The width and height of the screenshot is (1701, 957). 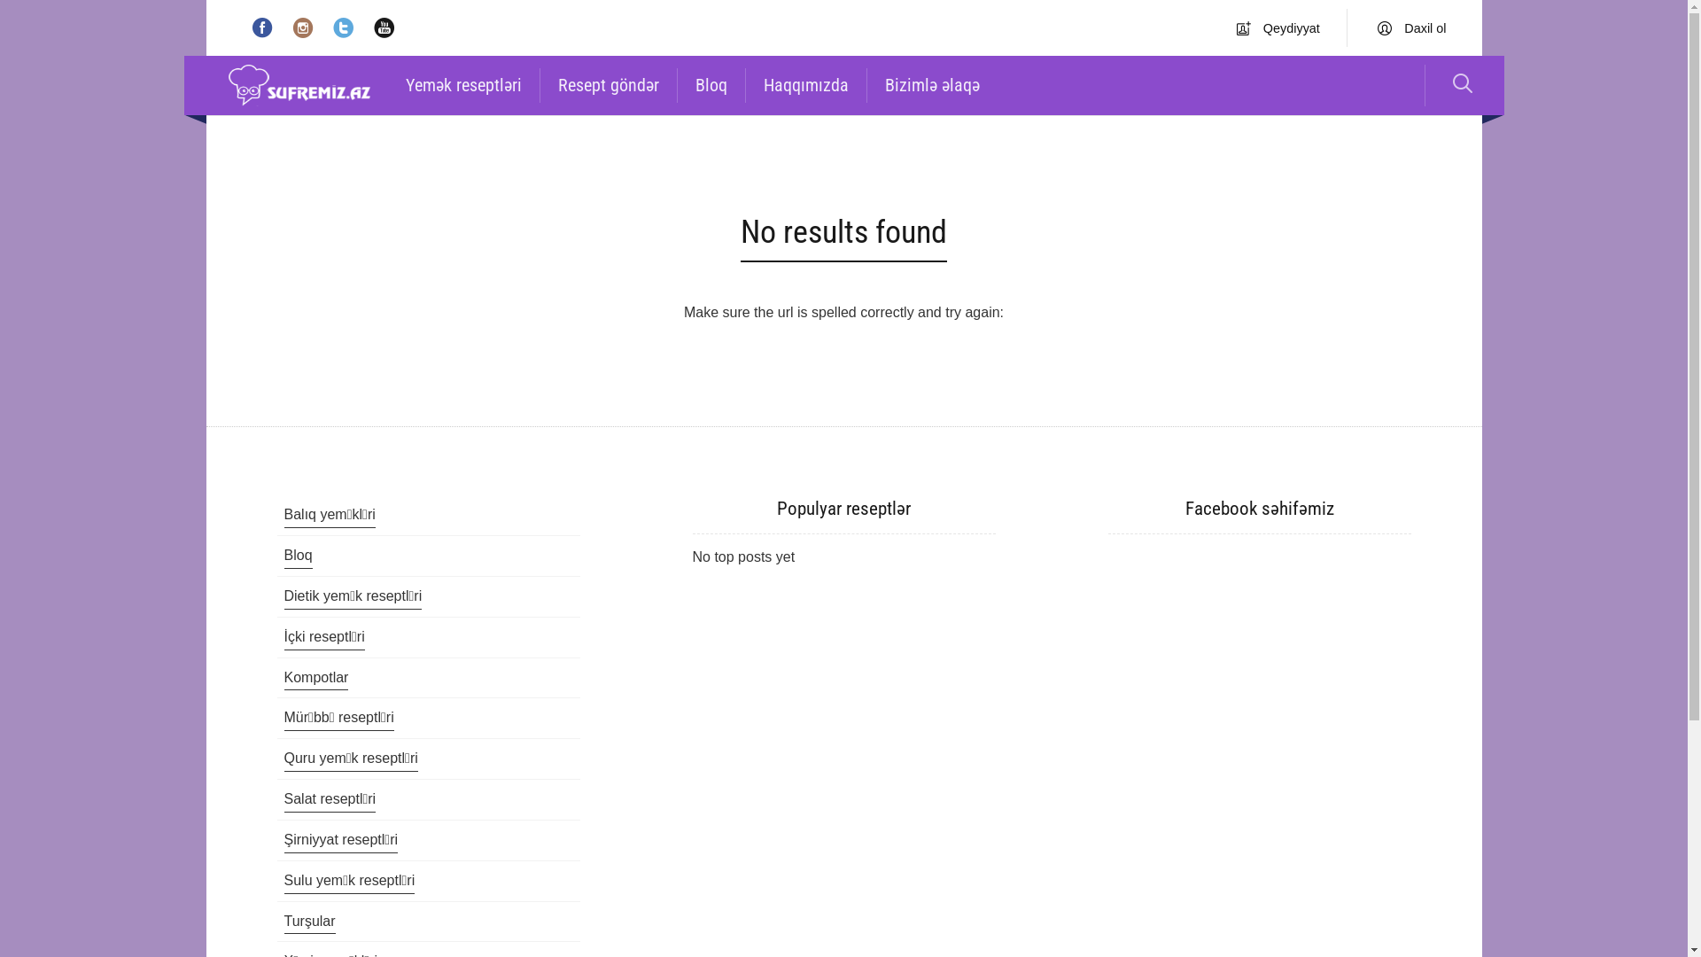 What do you see at coordinates (1278, 27) in the screenshot?
I see `'Qeydiyyat'` at bounding box center [1278, 27].